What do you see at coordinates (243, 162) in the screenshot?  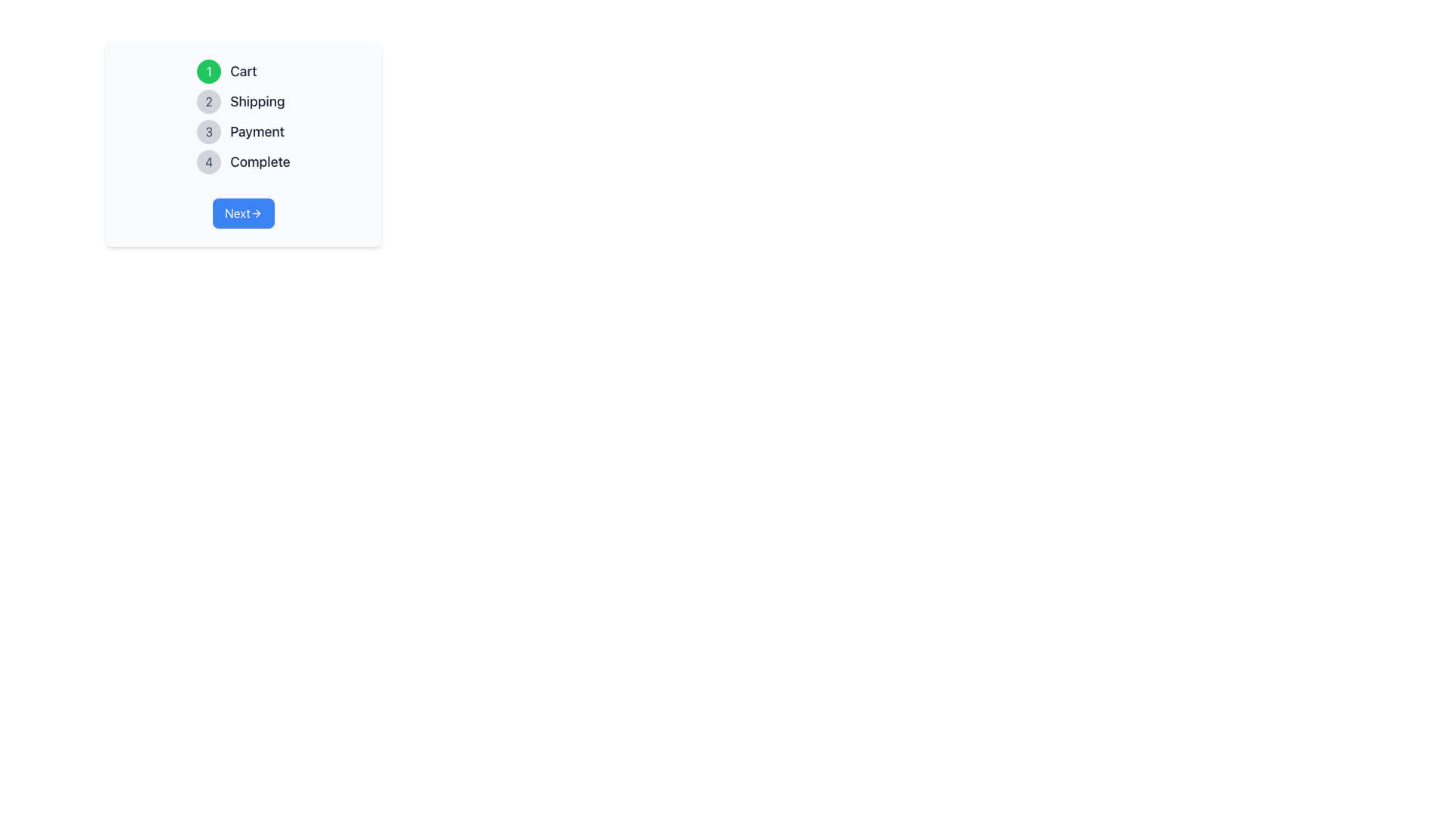 I see `the fourth step indicator titled 'Complete' in the vertical step indicator list, which is located directly below the '3 Payment' item` at bounding box center [243, 162].